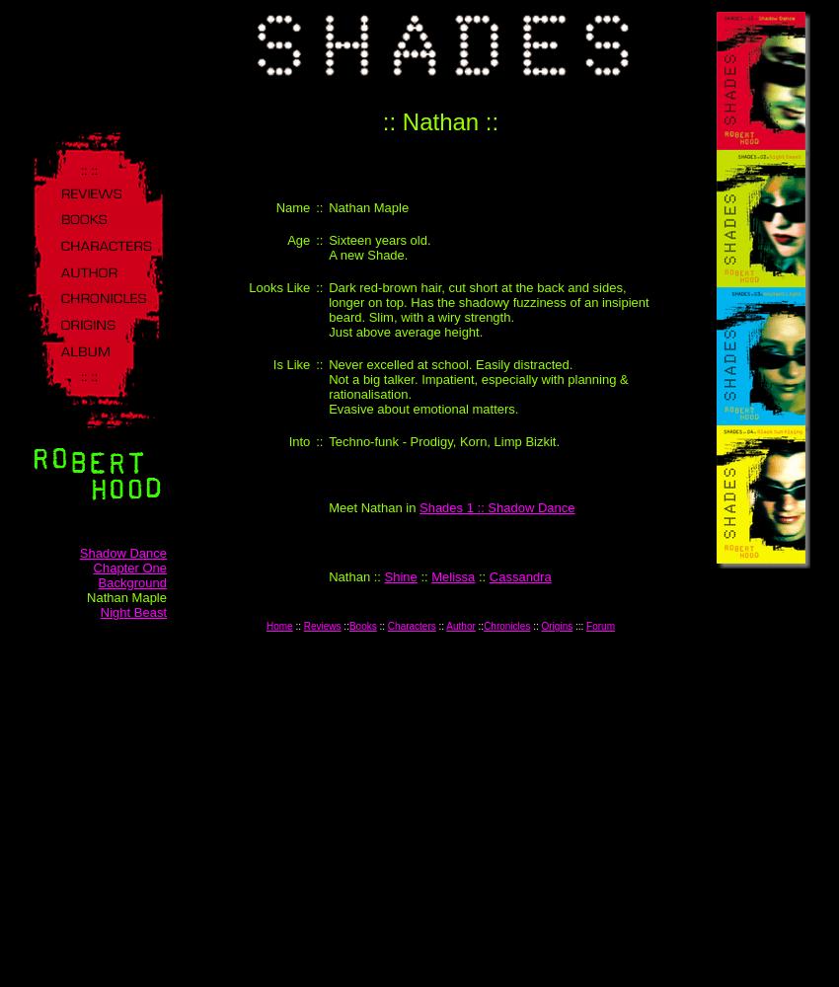 Image resolution: width=839 pixels, height=987 pixels. Describe the element at coordinates (496, 507) in the screenshot. I see `'Shades 1 :: Shadow Dance'` at that location.